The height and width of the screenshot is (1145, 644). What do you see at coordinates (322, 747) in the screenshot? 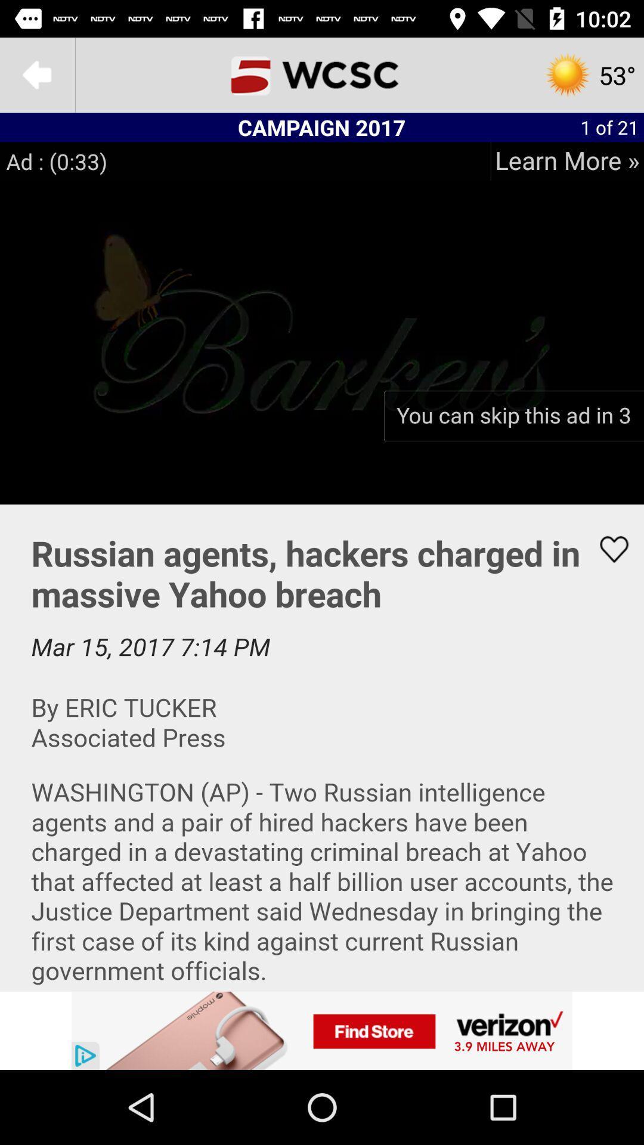
I see `share the article` at bounding box center [322, 747].